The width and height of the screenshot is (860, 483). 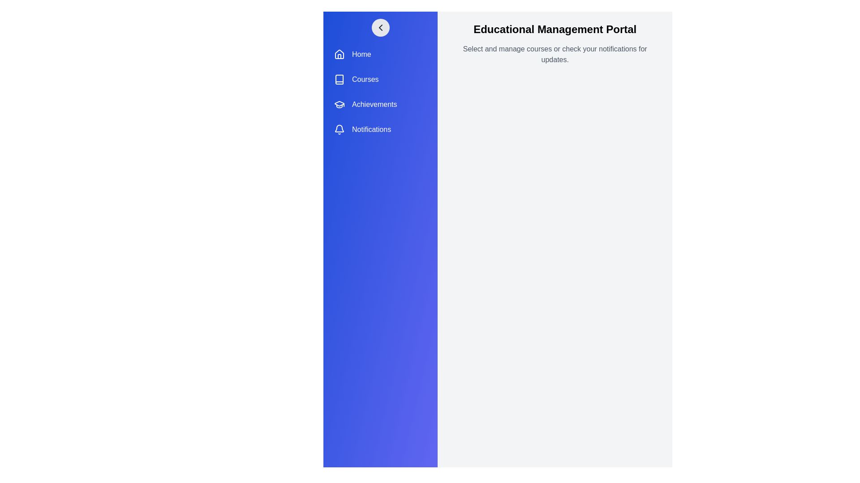 What do you see at coordinates (380, 55) in the screenshot?
I see `the menu item labeled Home` at bounding box center [380, 55].